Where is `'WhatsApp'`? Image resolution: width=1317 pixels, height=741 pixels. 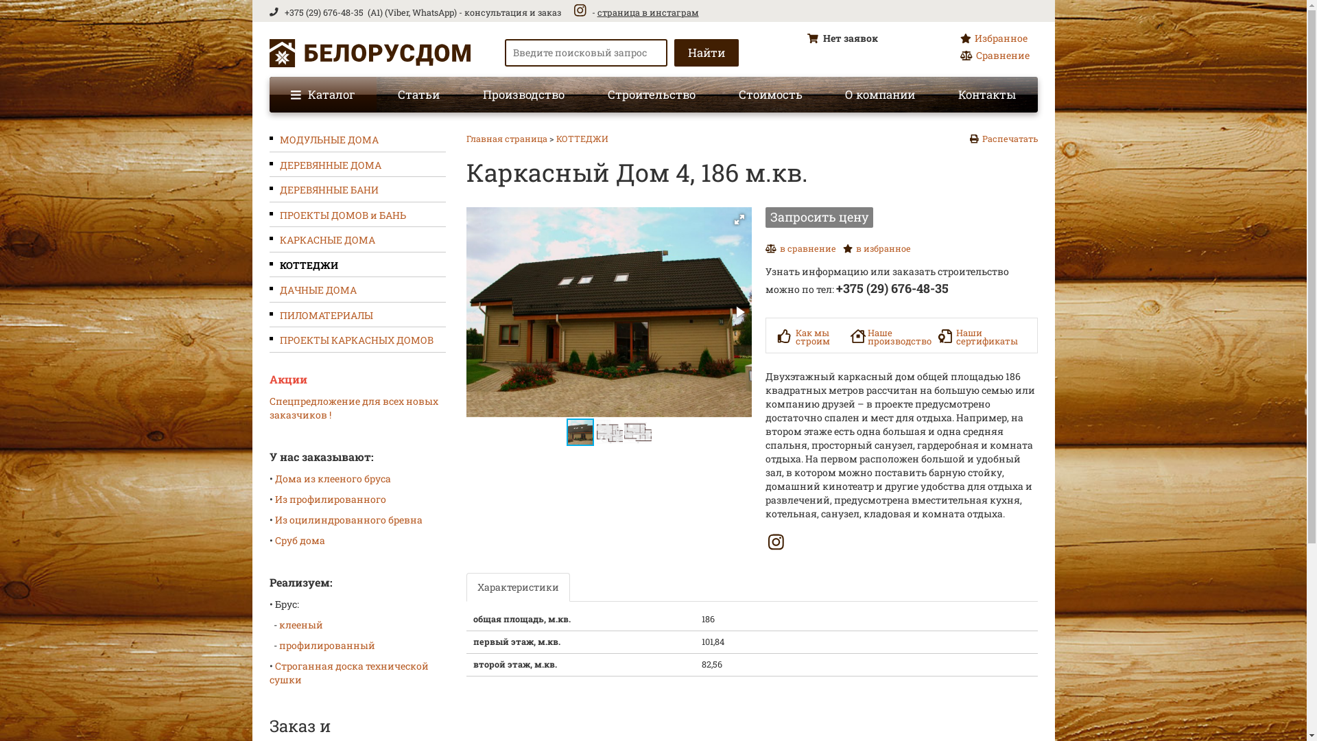
'WhatsApp' is located at coordinates (432, 12).